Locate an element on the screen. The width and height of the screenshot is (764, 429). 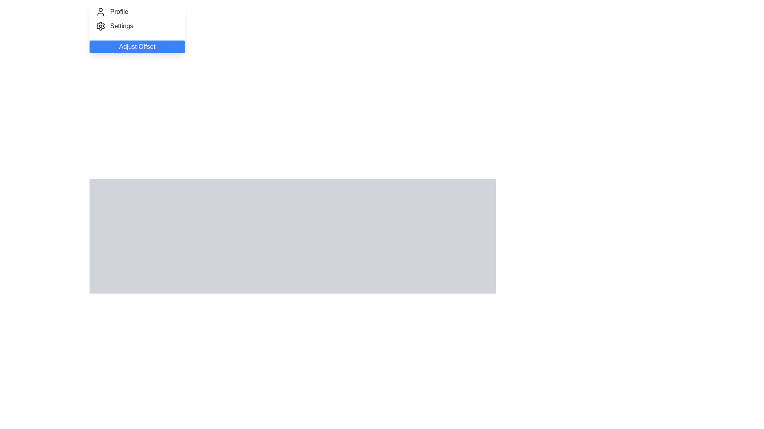
displayed text of the 'Profile' label located in the top section of the panel, right of the user icon and above the 'Settings' label is located at coordinates (119, 12).